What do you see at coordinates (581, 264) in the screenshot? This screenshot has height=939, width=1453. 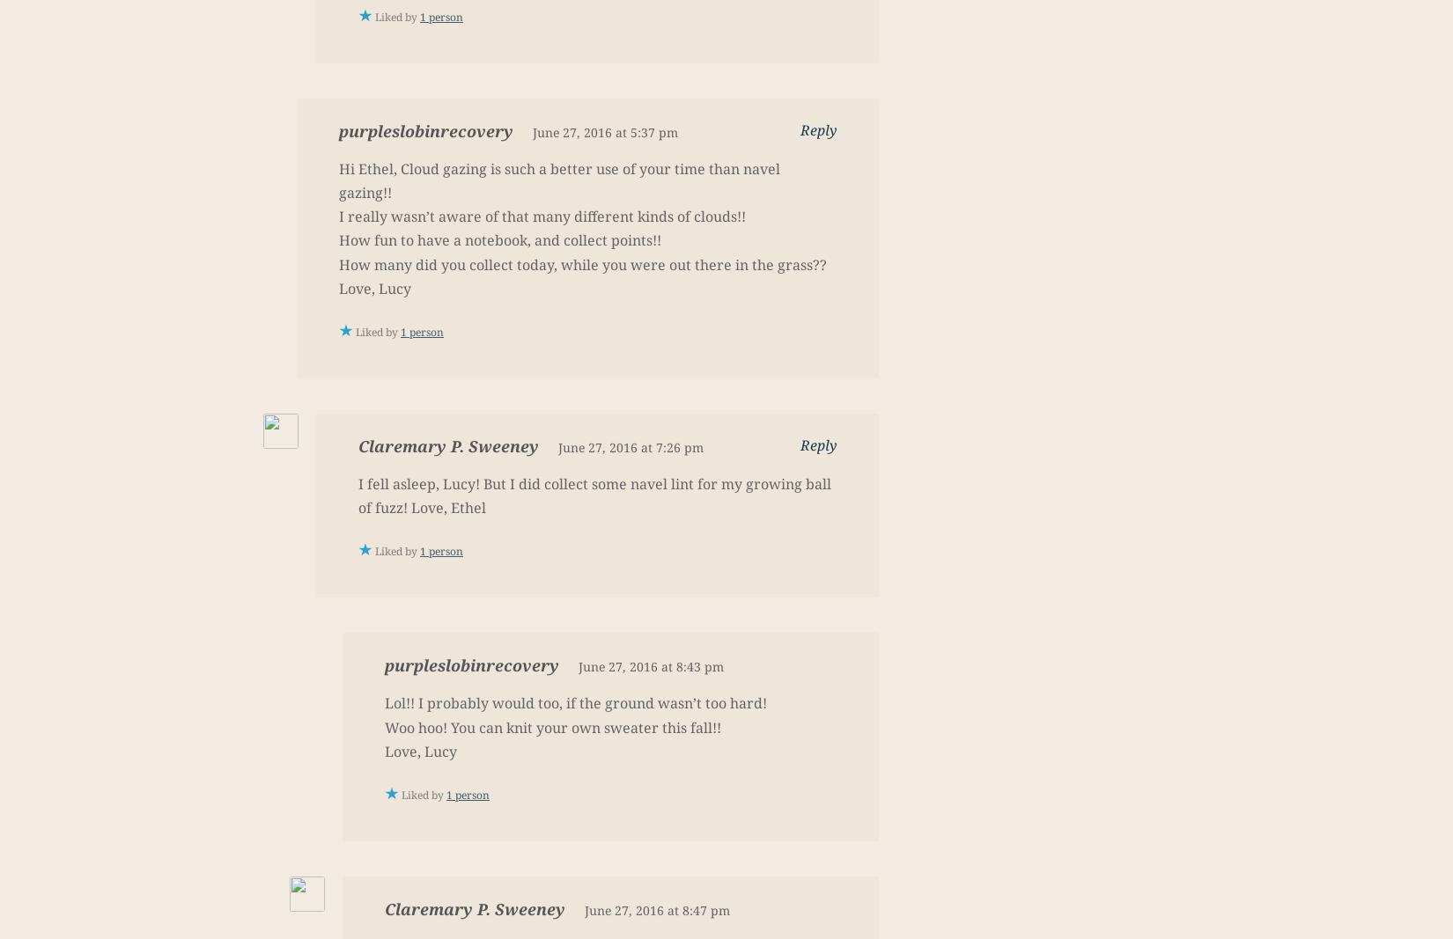 I see `'How many did you collect today, while you were out there in the grass??'` at bounding box center [581, 264].